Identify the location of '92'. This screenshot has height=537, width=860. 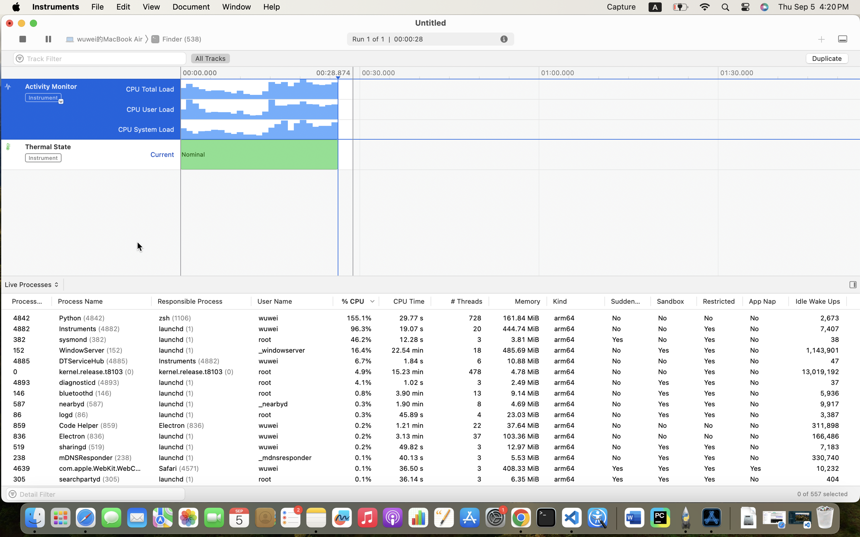
(28, 371).